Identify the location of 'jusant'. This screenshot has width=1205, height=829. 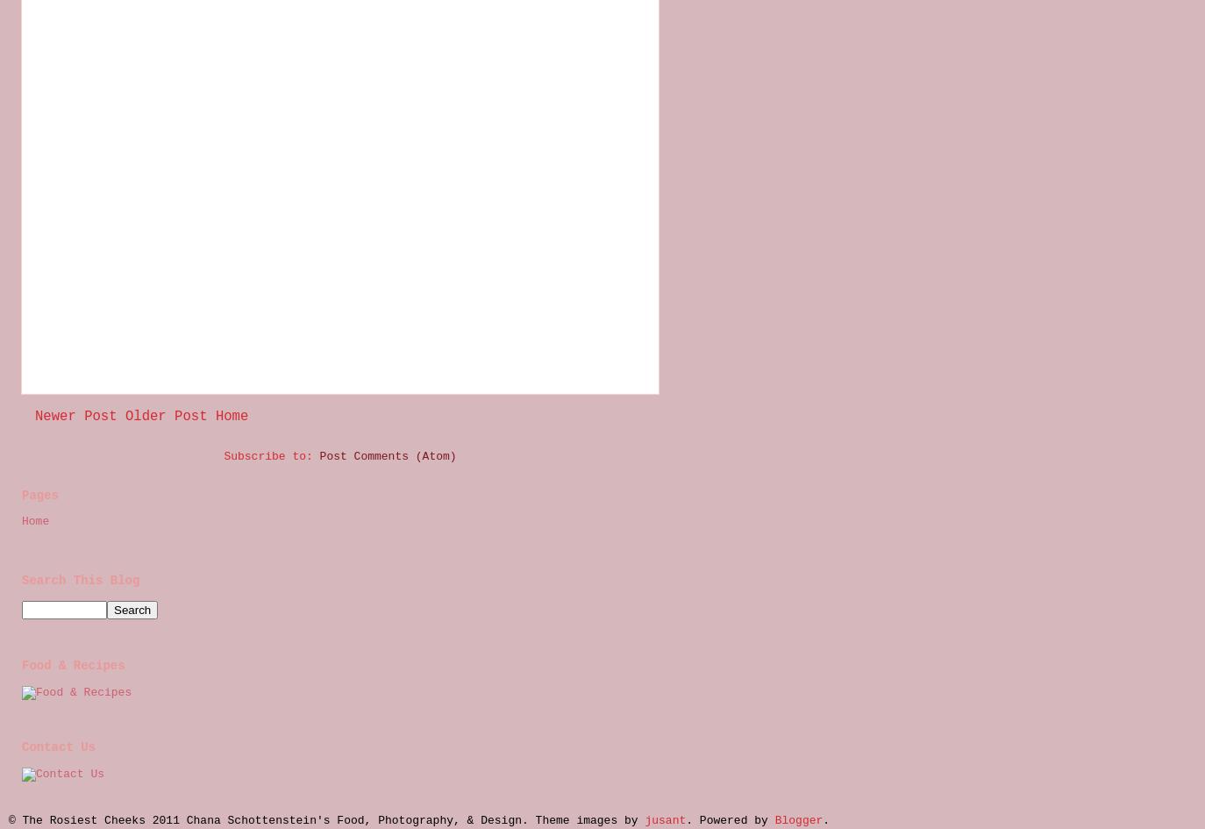
(643, 818).